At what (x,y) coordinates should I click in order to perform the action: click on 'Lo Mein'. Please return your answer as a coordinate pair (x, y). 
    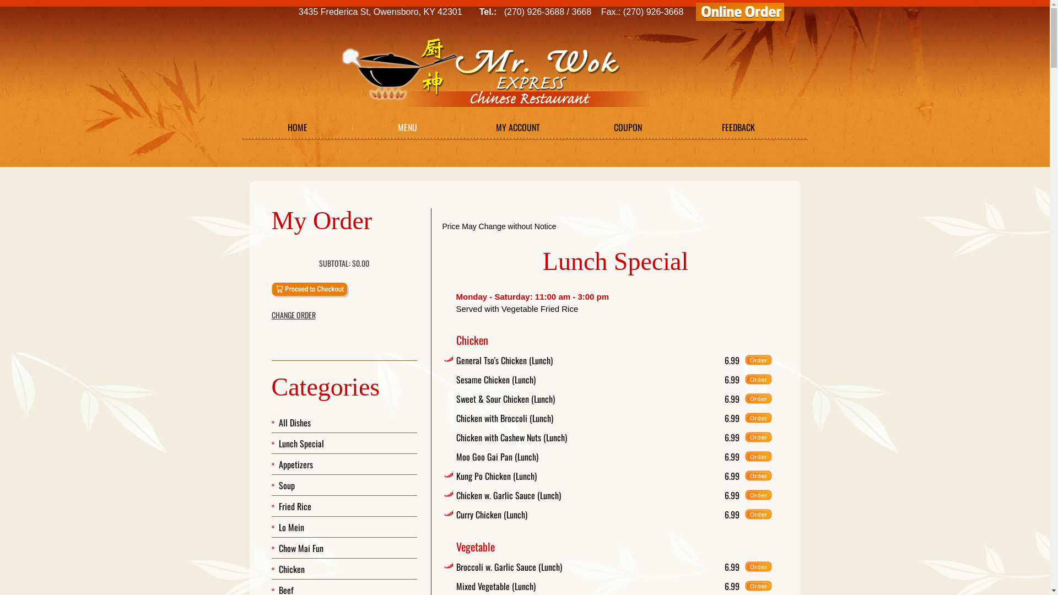
    Looking at the image, I should click on (291, 526).